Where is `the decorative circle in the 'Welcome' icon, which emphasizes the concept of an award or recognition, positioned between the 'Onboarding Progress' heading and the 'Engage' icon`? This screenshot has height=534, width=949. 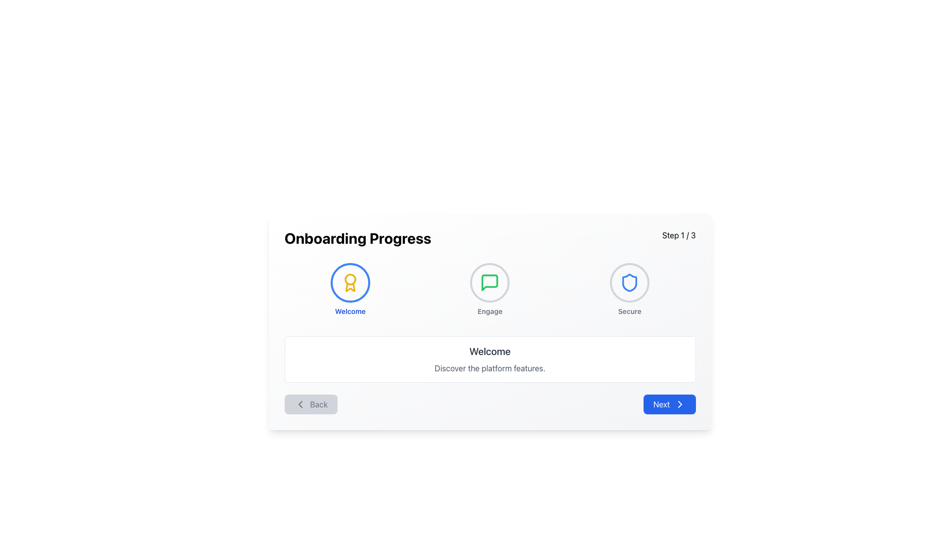 the decorative circle in the 'Welcome' icon, which emphasizes the concept of an award or recognition, positioned between the 'Onboarding Progress' heading and the 'Engage' icon is located at coordinates (350, 279).